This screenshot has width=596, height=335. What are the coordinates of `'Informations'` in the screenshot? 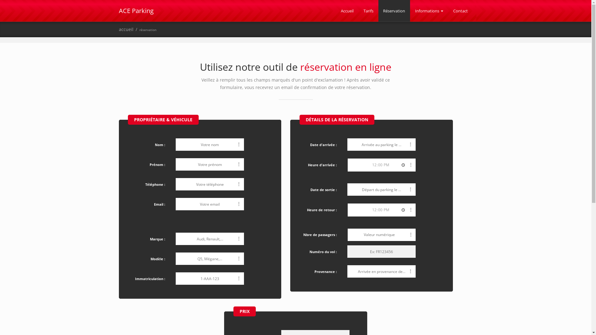 It's located at (429, 11).